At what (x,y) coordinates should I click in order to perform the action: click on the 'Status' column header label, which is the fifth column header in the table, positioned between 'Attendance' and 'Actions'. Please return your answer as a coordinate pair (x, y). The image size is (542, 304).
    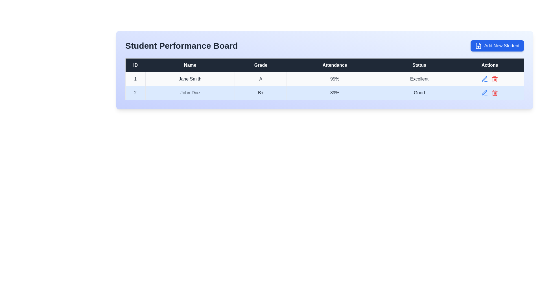
    Looking at the image, I should click on (419, 65).